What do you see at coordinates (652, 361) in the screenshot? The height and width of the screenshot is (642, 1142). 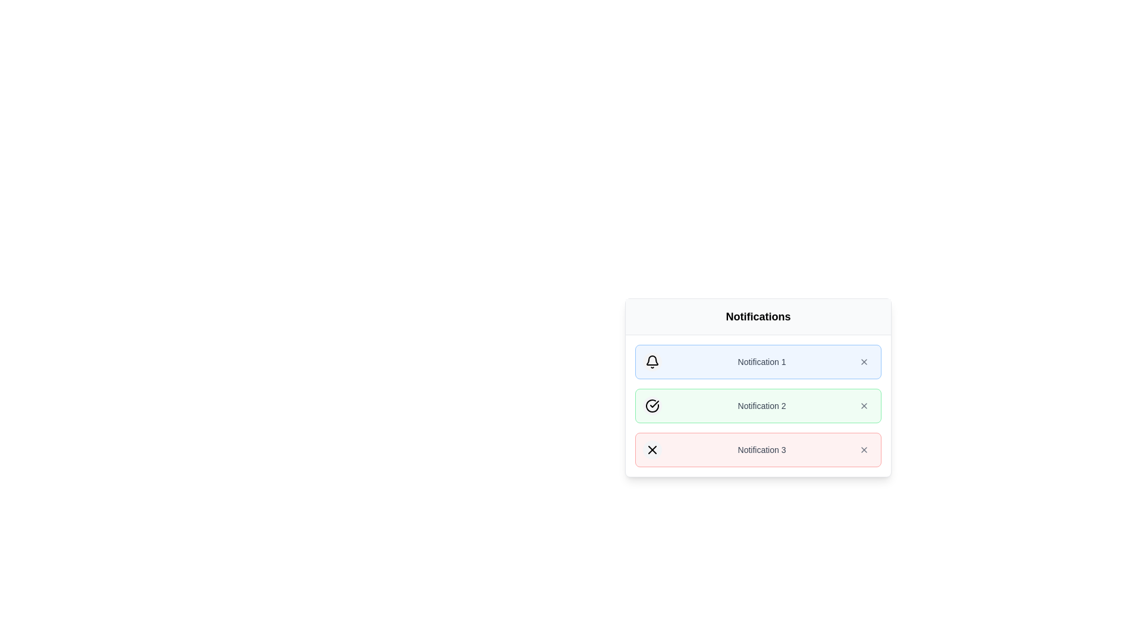 I see `the circular bell icon located to the left of the text labeled 'Notification 1' within a soft blue background rectangle` at bounding box center [652, 361].